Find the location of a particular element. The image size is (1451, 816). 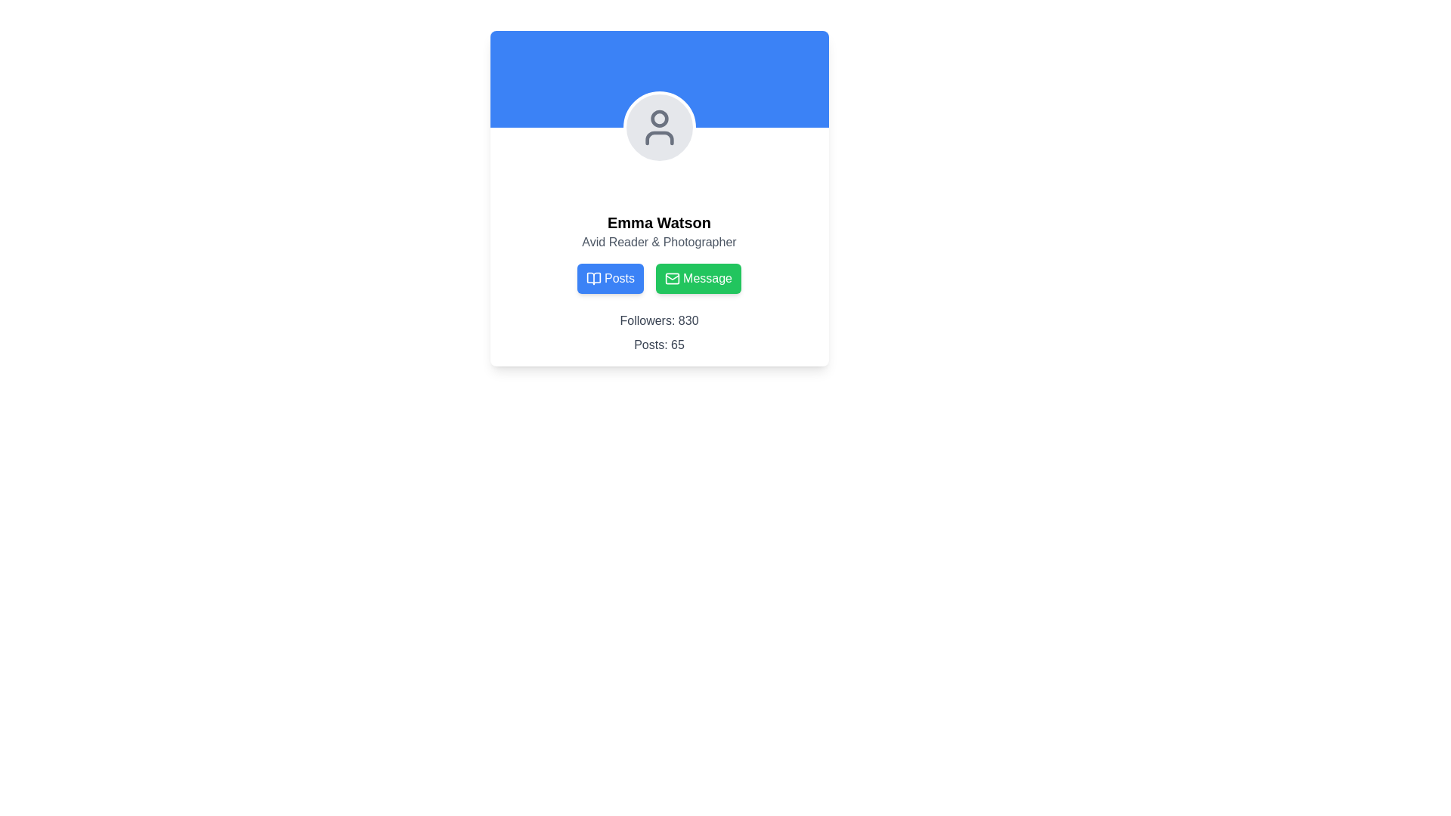

the central green button that initiates messaging actions, located to the right of the blue 'Posts' button is located at coordinates (707, 279).